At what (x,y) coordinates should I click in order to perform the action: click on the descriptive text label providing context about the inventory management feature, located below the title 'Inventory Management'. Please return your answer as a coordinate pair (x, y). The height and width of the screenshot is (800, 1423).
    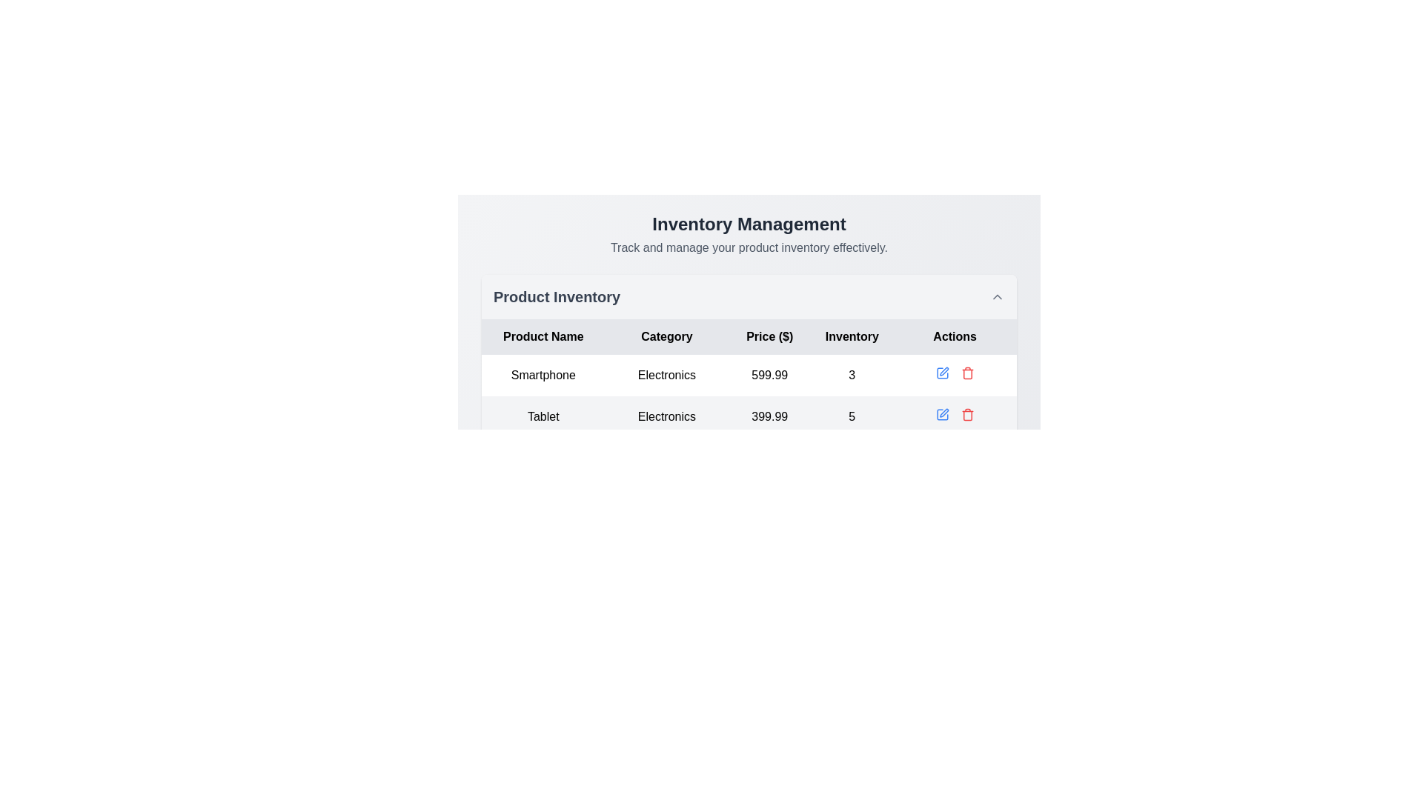
    Looking at the image, I should click on (749, 247).